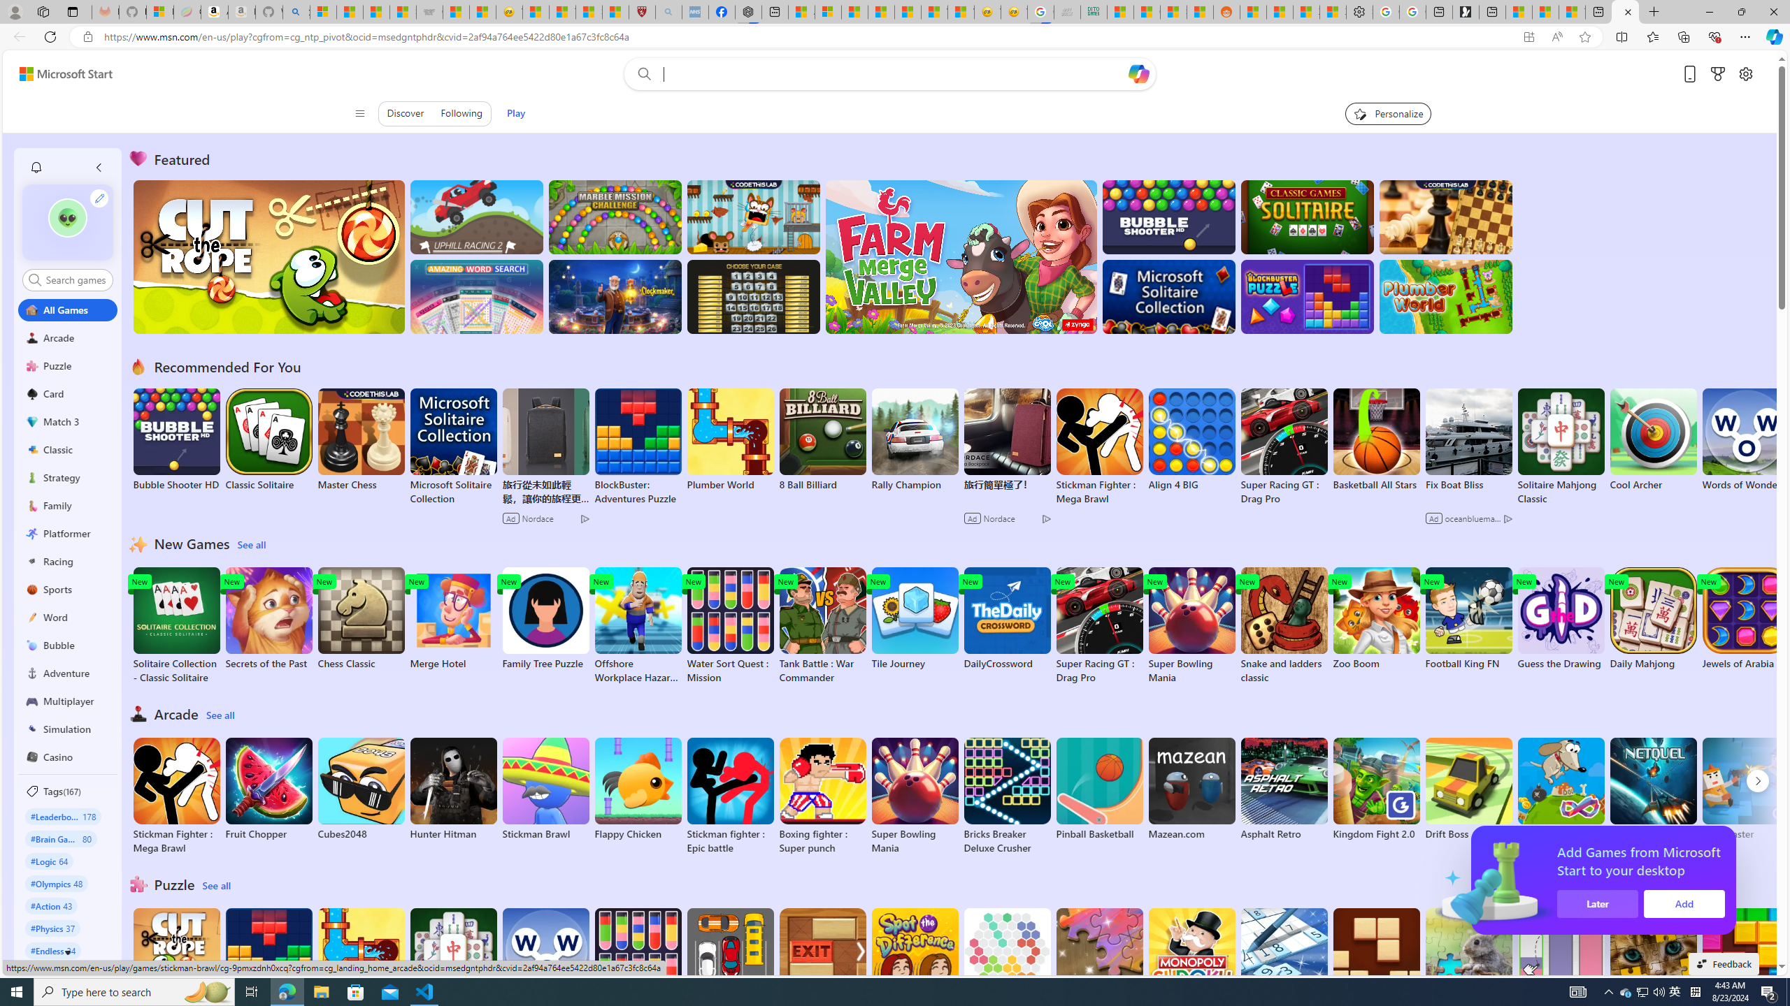  Describe the element at coordinates (729, 795) in the screenshot. I see `'Stickman fighter : Epic battle'` at that location.